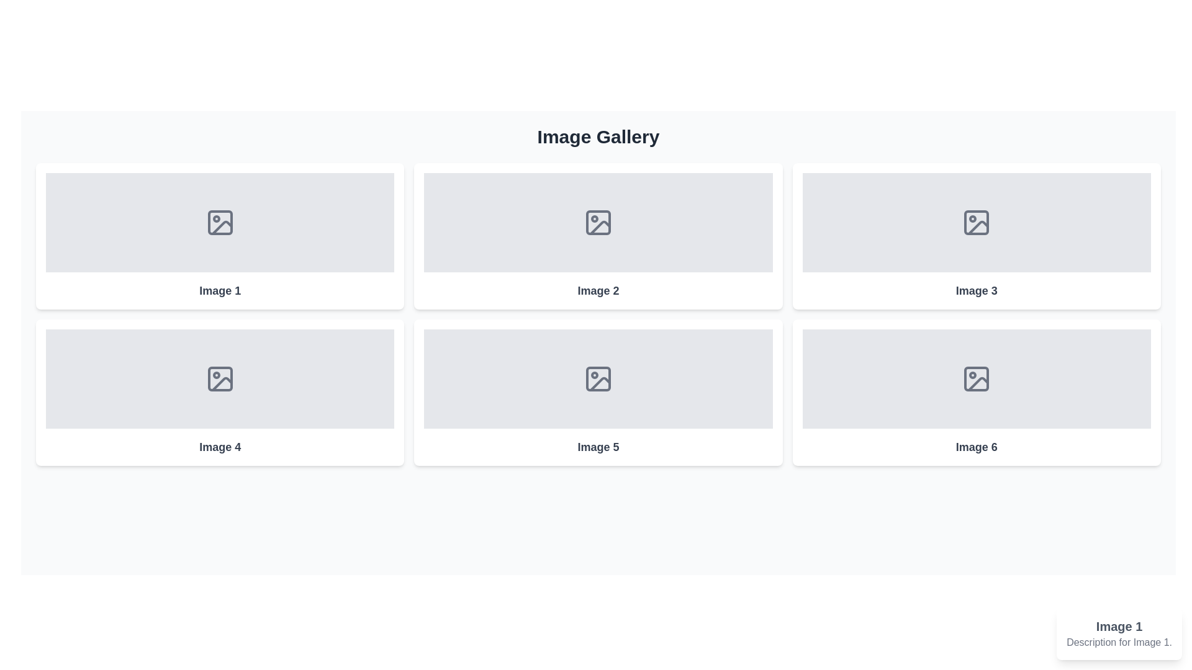 This screenshot has height=670, width=1192. Describe the element at coordinates (976, 221) in the screenshot. I see `the icon resembling a picture frame located in the top-right corner of the third box labeled 'Image 3'` at that location.